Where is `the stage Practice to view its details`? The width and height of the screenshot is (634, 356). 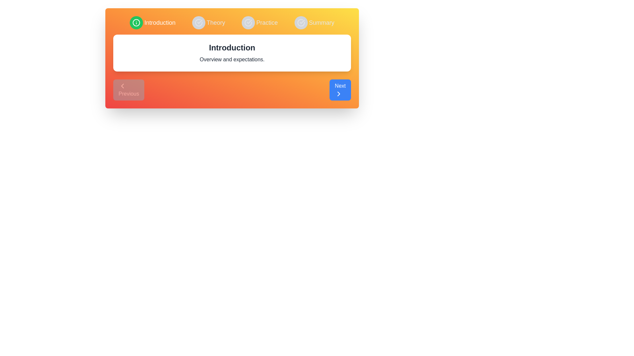 the stage Practice to view its details is located at coordinates (259, 22).